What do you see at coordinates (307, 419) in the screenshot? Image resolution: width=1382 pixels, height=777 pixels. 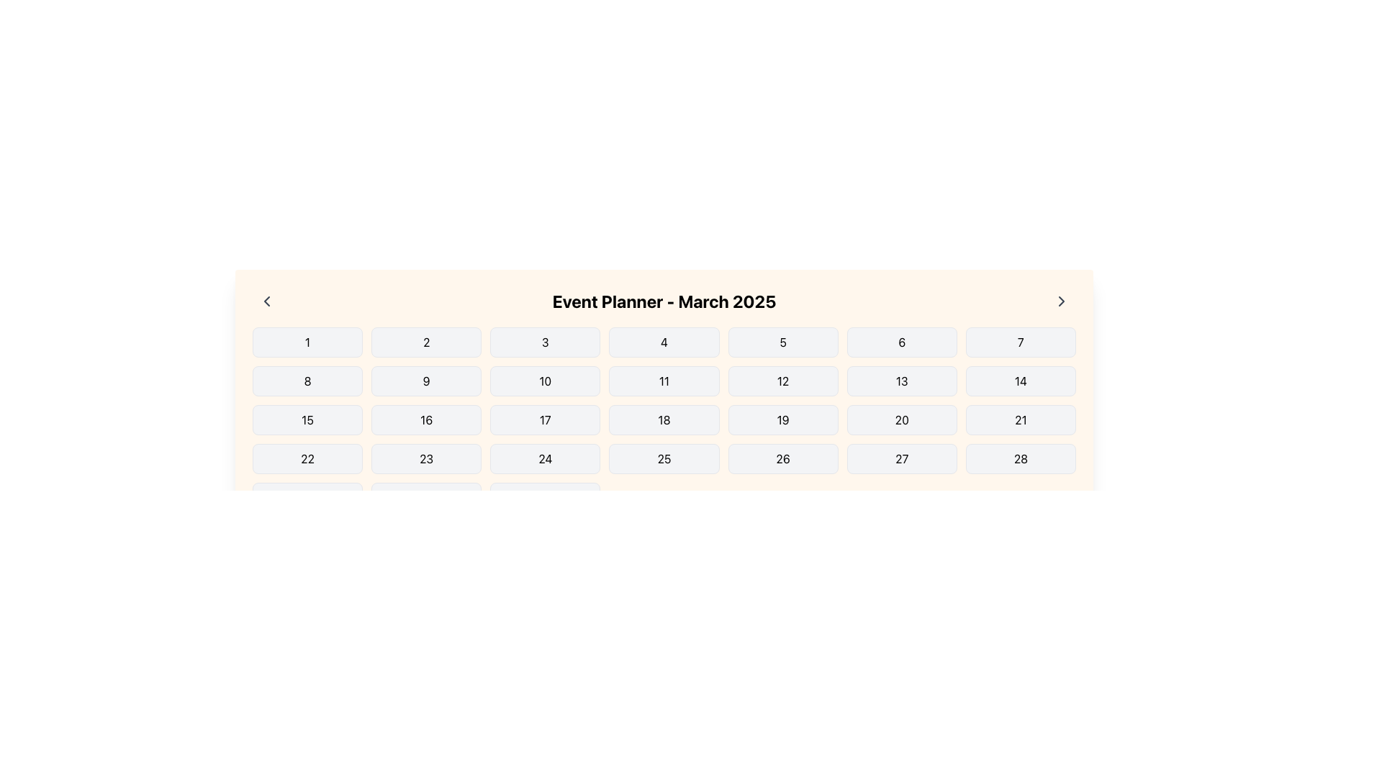 I see `the numerical text '15' located in the second column of the third row within a calendar interface` at bounding box center [307, 419].